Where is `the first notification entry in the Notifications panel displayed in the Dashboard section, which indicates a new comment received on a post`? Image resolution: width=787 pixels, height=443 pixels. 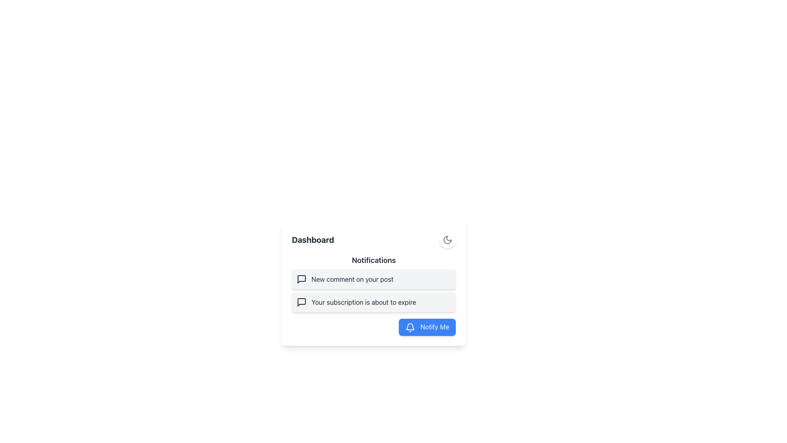
the first notification entry in the Notifications panel displayed in the Dashboard section, which indicates a new comment received on a post is located at coordinates (373, 279).